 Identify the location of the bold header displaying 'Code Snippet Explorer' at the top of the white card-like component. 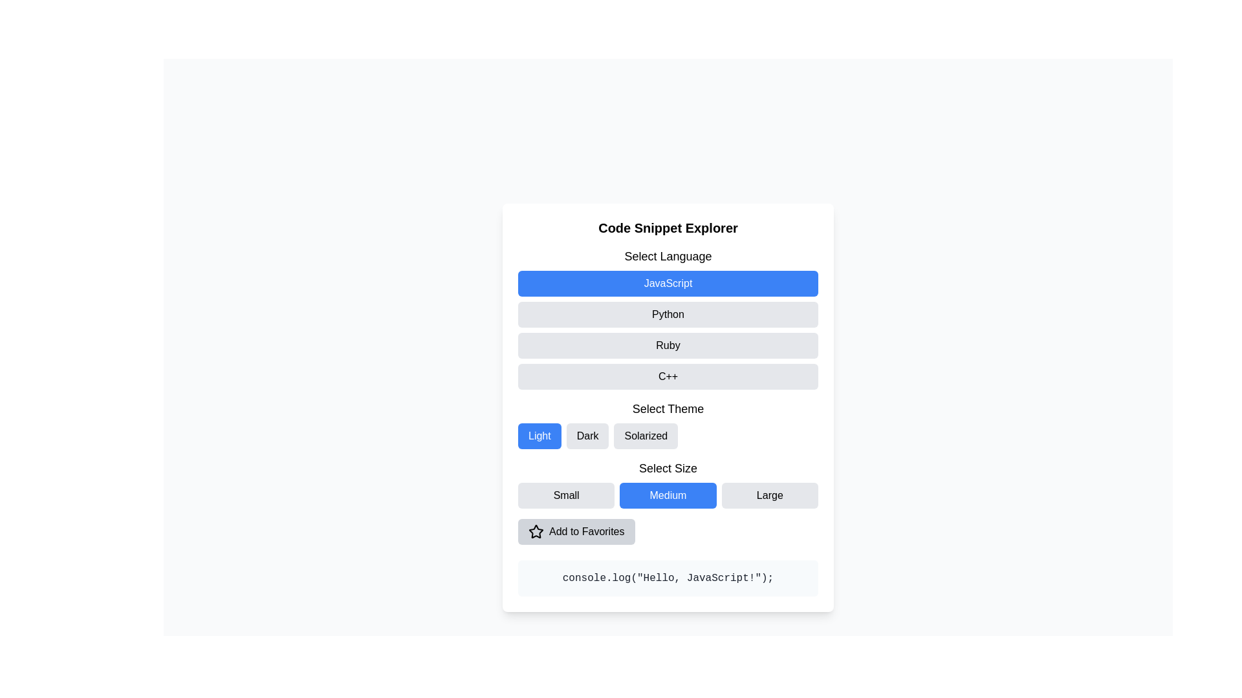
(668, 227).